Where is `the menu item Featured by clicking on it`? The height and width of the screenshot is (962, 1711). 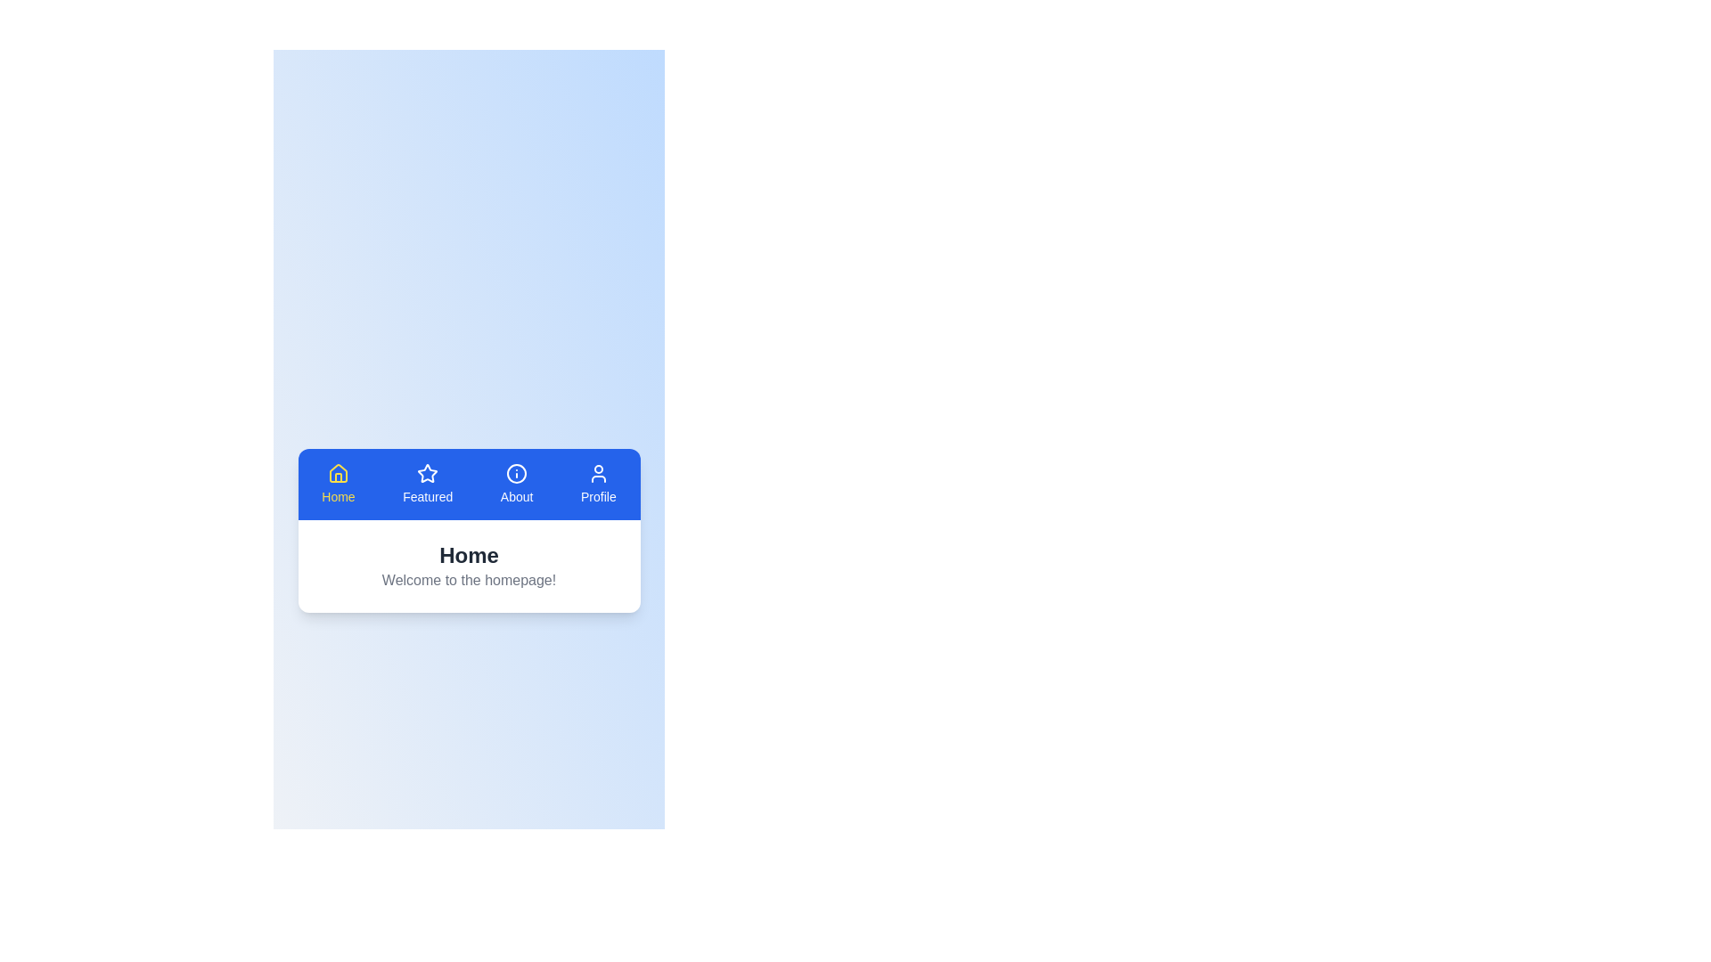 the menu item Featured by clicking on it is located at coordinates (428, 484).